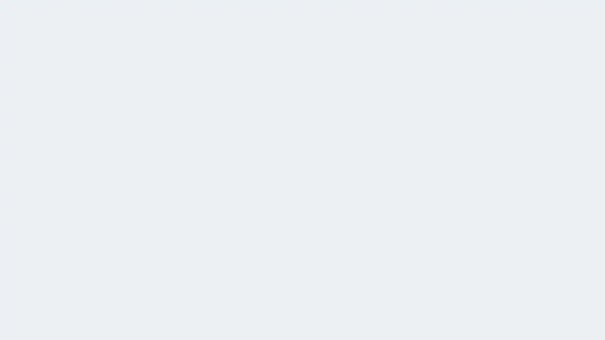  I want to click on Sign up, so click(329, 156).